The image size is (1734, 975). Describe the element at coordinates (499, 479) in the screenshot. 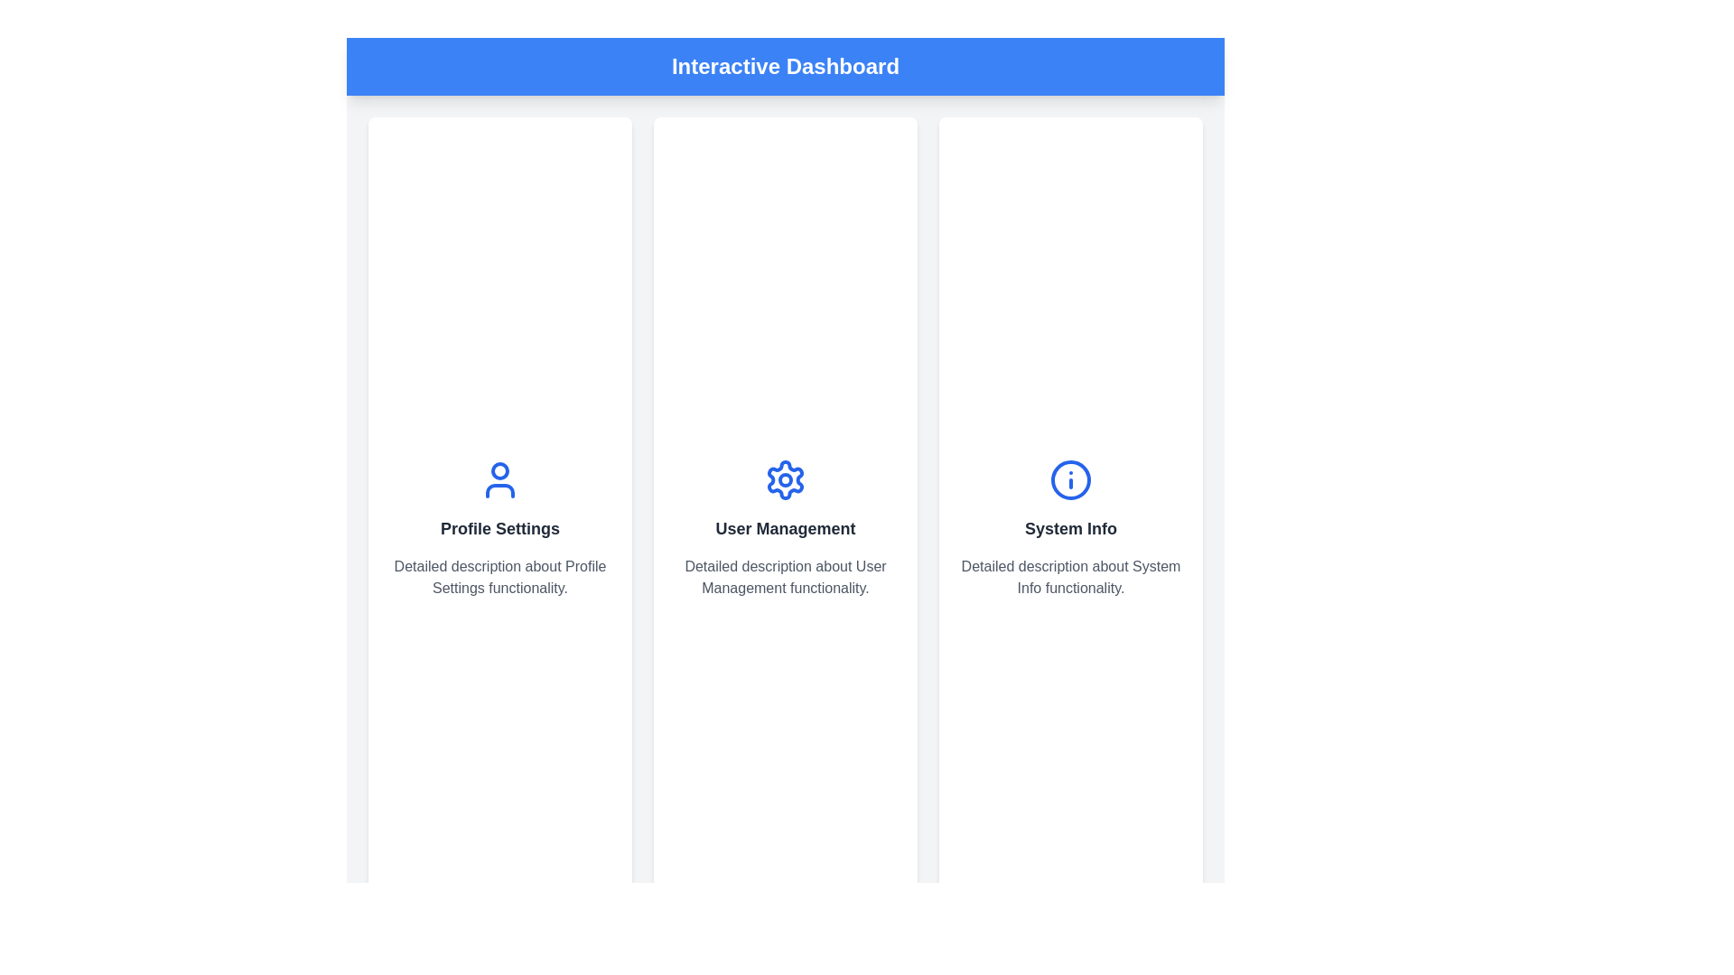

I see `the user profile icon, which is a circular head with a connected semicircular body outline, styled in blue and located above the text 'Profile Settings'` at that location.